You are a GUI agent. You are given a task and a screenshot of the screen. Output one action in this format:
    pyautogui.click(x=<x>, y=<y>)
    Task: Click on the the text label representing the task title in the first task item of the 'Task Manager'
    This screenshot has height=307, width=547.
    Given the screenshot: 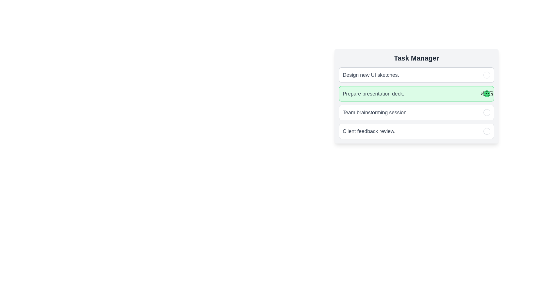 What is the action you would take?
    pyautogui.click(x=371, y=74)
    